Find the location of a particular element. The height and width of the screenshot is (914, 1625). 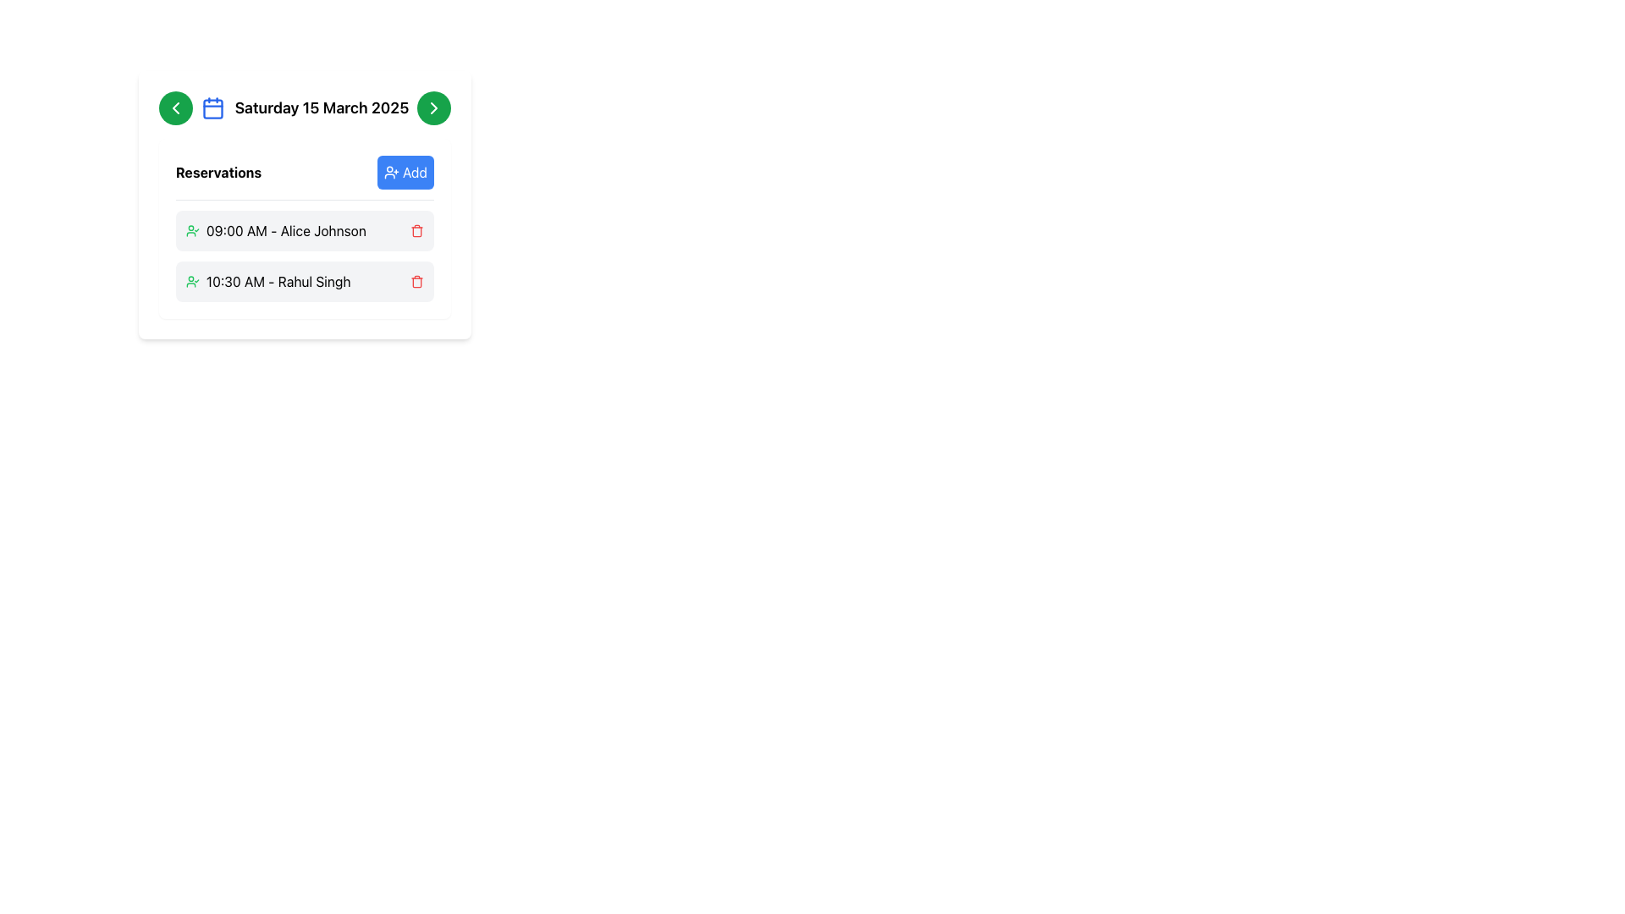

the second text label in the reservation details list that displays the reservation time and associated name, located below the '09:00 AM - Alice Johnson' entry is located at coordinates (278, 280).